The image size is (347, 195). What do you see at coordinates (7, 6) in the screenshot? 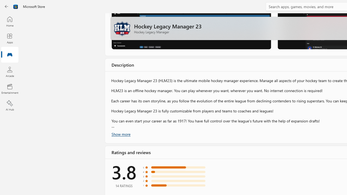
I see `'Back'` at bounding box center [7, 6].